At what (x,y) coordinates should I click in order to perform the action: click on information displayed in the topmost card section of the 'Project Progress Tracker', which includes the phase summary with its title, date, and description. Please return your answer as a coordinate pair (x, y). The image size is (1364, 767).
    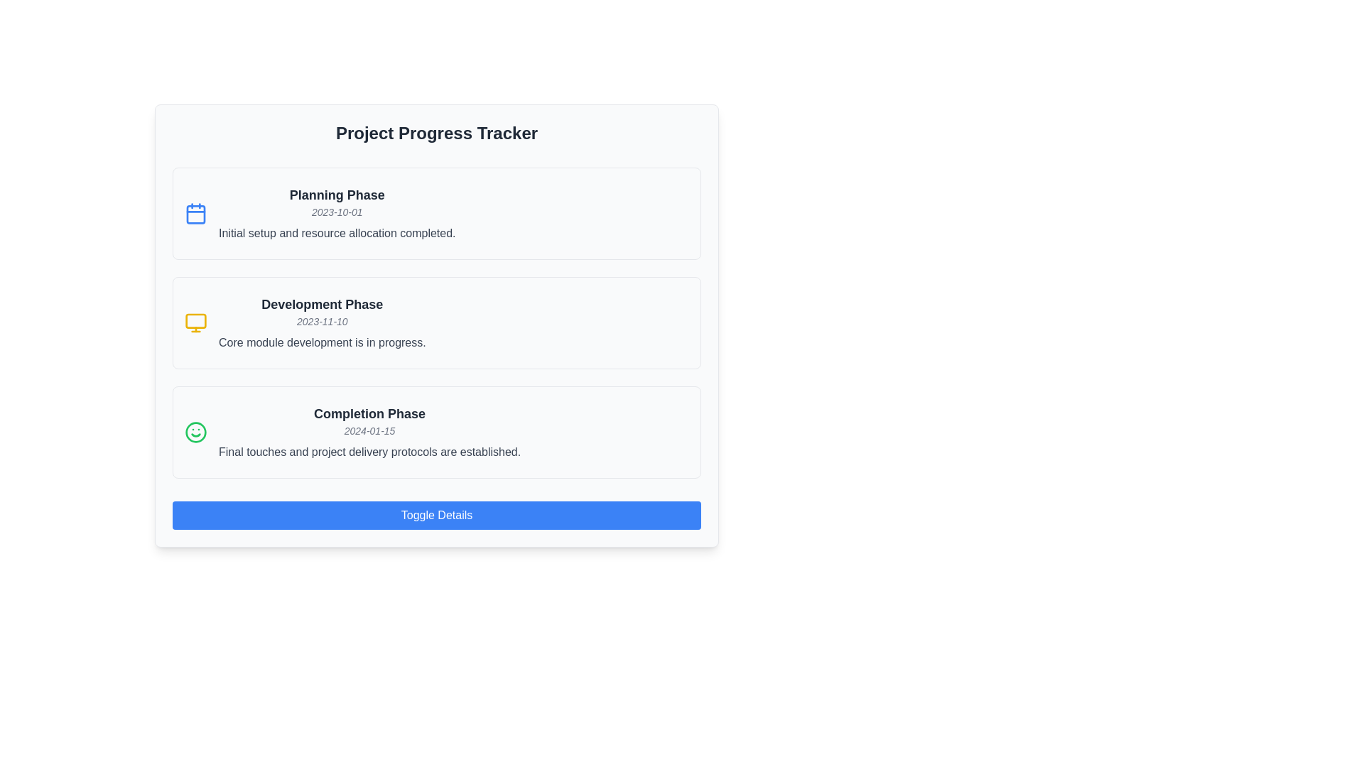
    Looking at the image, I should click on (336, 213).